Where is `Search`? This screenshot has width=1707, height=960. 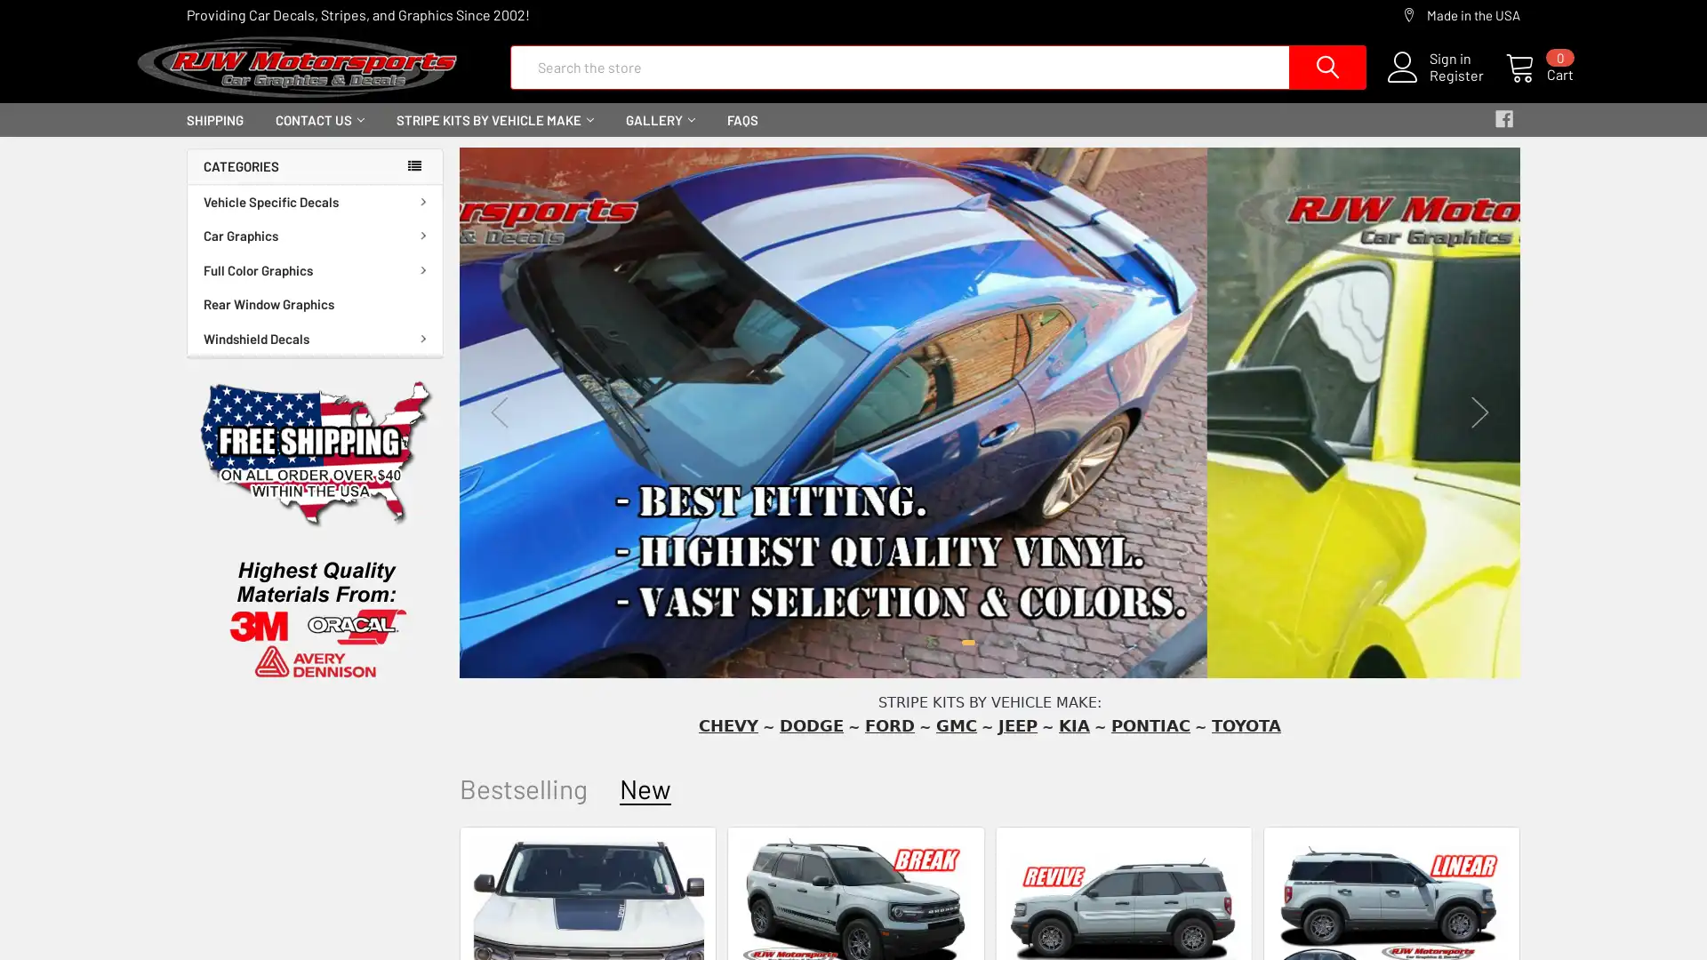 Search is located at coordinates (1259, 76).